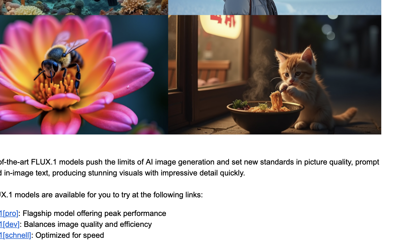 This screenshot has width=395, height=246. Describe the element at coordinates (86, 224) in the screenshot. I see `': Balances image quality and efficiency'` at that location.